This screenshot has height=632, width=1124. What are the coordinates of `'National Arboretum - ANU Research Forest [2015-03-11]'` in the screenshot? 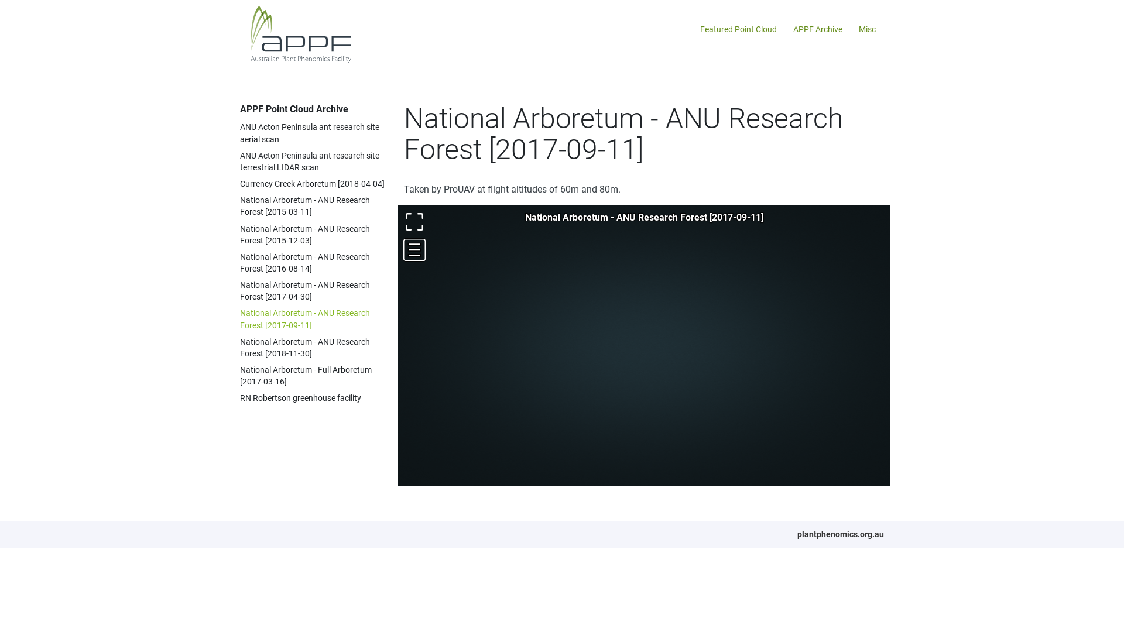 It's located at (305, 205).